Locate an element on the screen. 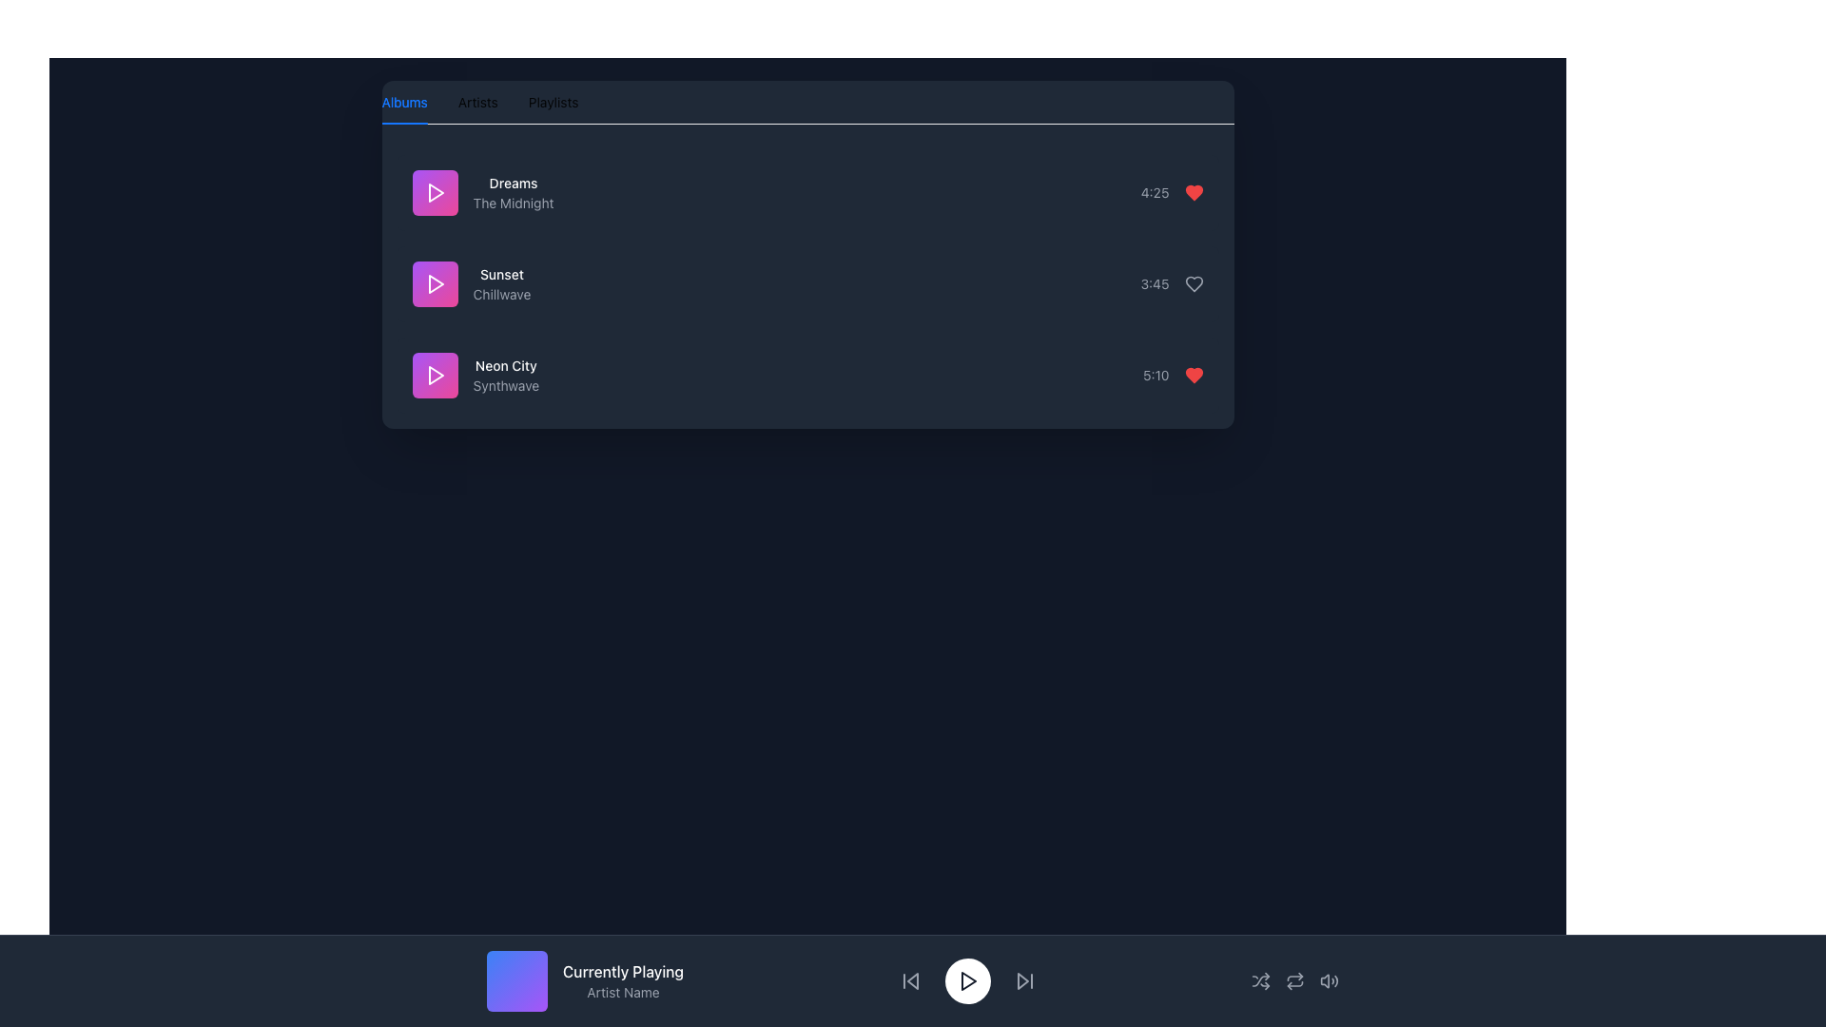  the 'Playlists' tab, which is the third tab in the horizontal list of navigational tabs located at the top of the central panel is located at coordinates (553, 103).